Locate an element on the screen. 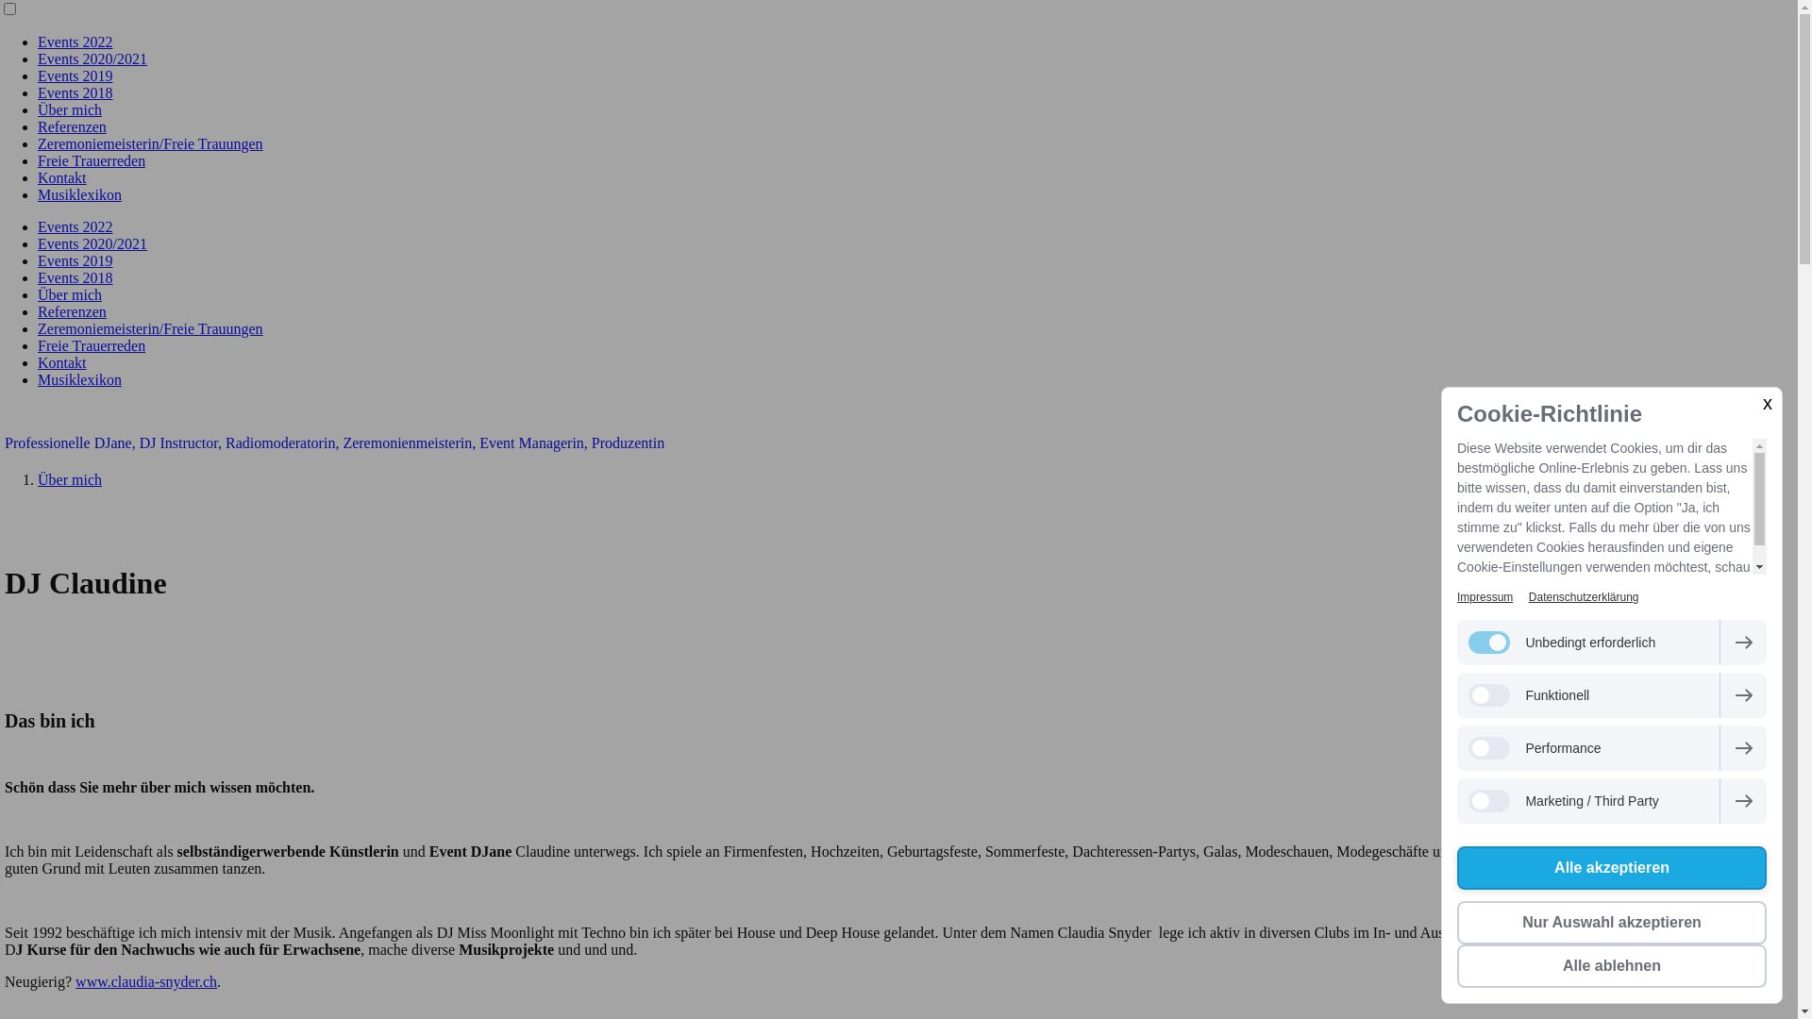 This screenshot has width=1812, height=1019. 'Events 2018' is located at coordinates (75, 277).